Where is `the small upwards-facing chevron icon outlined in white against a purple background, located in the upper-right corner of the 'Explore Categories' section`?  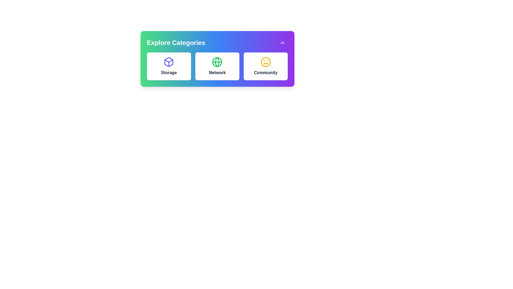 the small upwards-facing chevron icon outlined in white against a purple background, located in the upper-right corner of the 'Explore Categories' section is located at coordinates (282, 42).